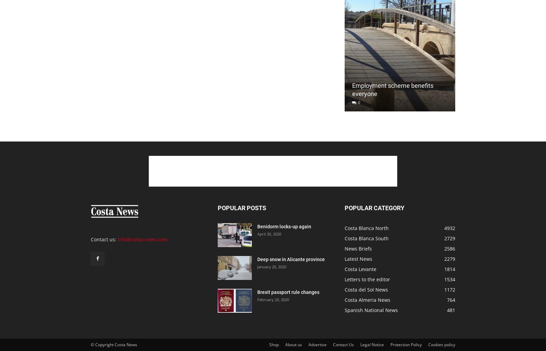 The image size is (546, 351). What do you see at coordinates (242, 208) in the screenshot?
I see `'POPULAR POSTS'` at bounding box center [242, 208].